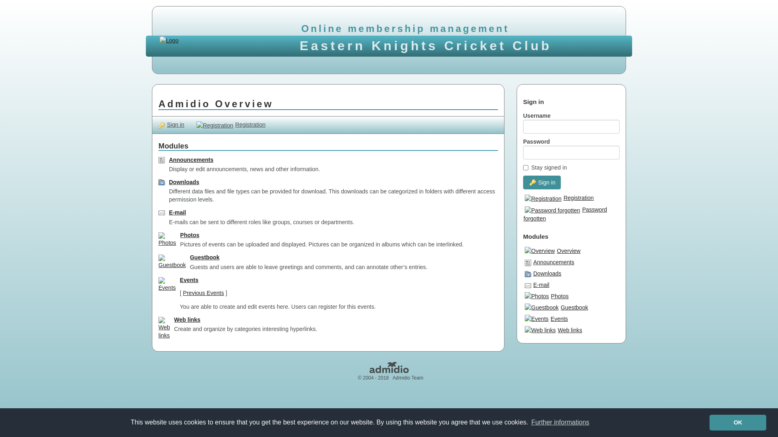 The height and width of the screenshot is (437, 778). What do you see at coordinates (571, 199) in the screenshot?
I see `'Registration'` at bounding box center [571, 199].